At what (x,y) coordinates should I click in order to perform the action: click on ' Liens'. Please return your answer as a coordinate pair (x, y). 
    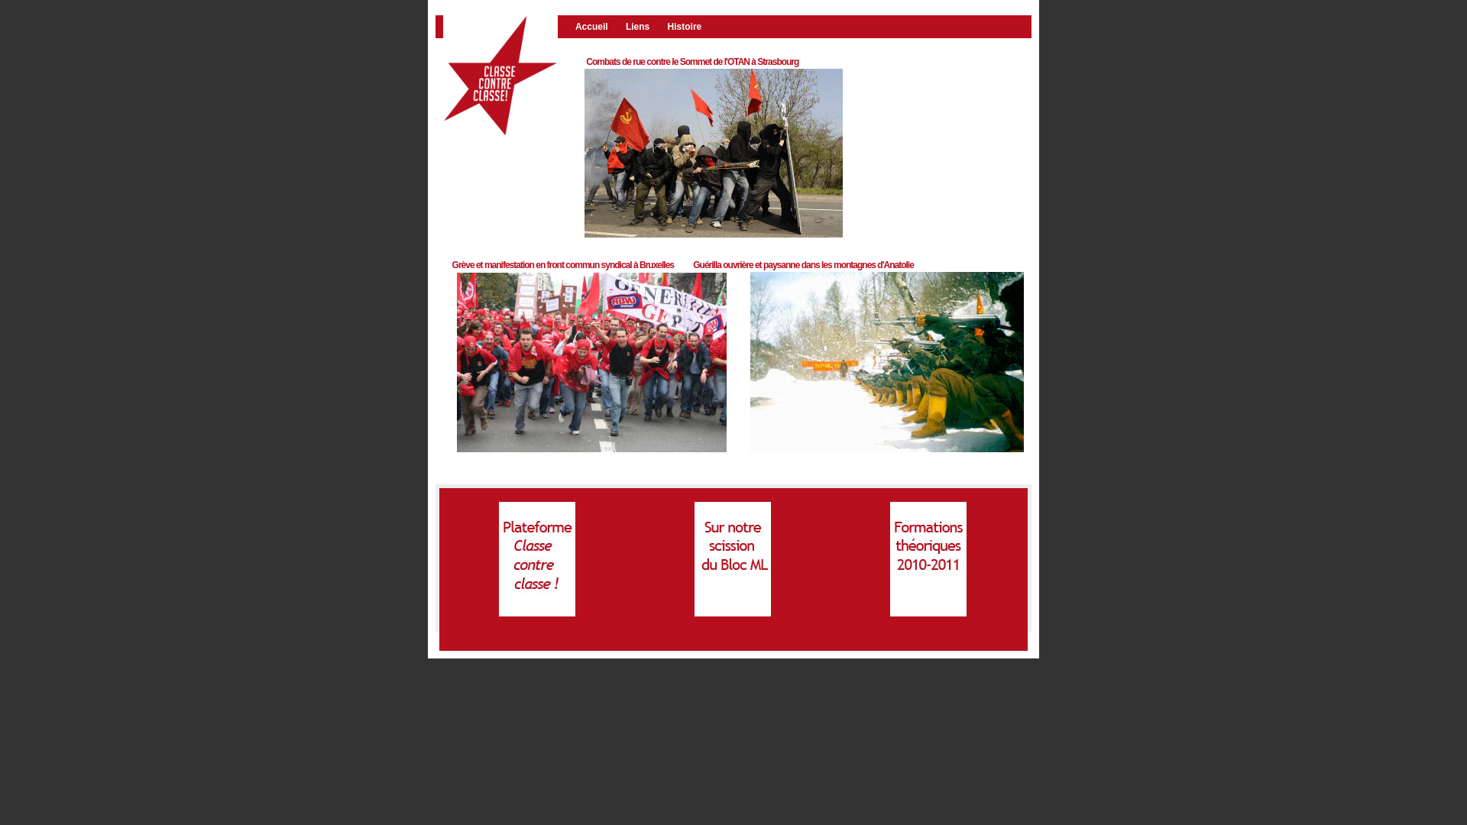
    Looking at the image, I should click on (623, 26).